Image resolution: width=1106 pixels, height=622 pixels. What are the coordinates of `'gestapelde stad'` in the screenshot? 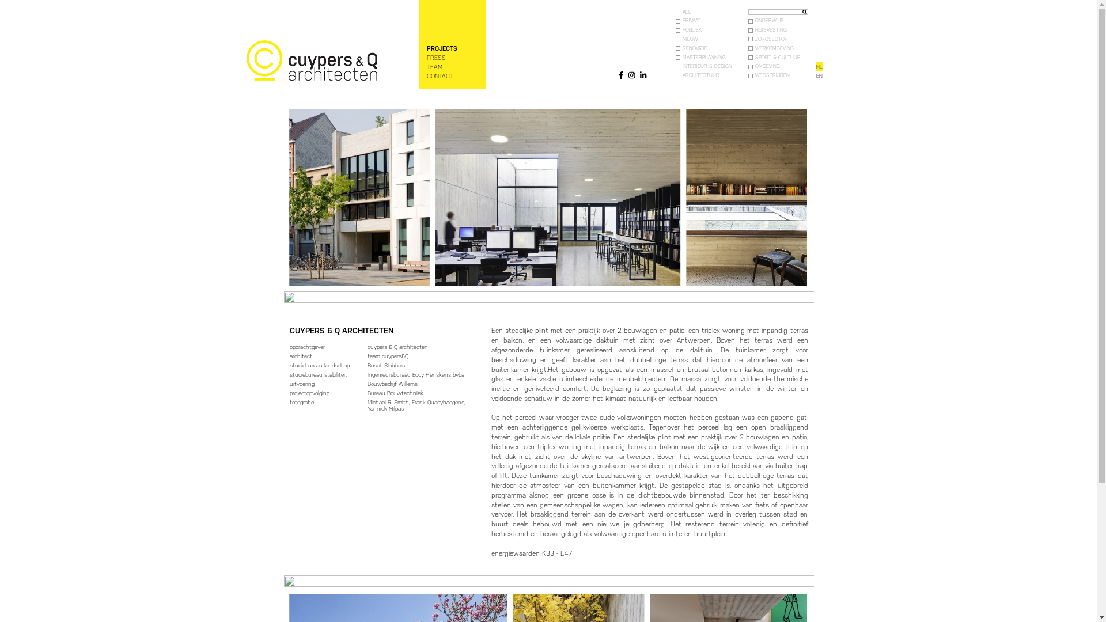 It's located at (696, 486).